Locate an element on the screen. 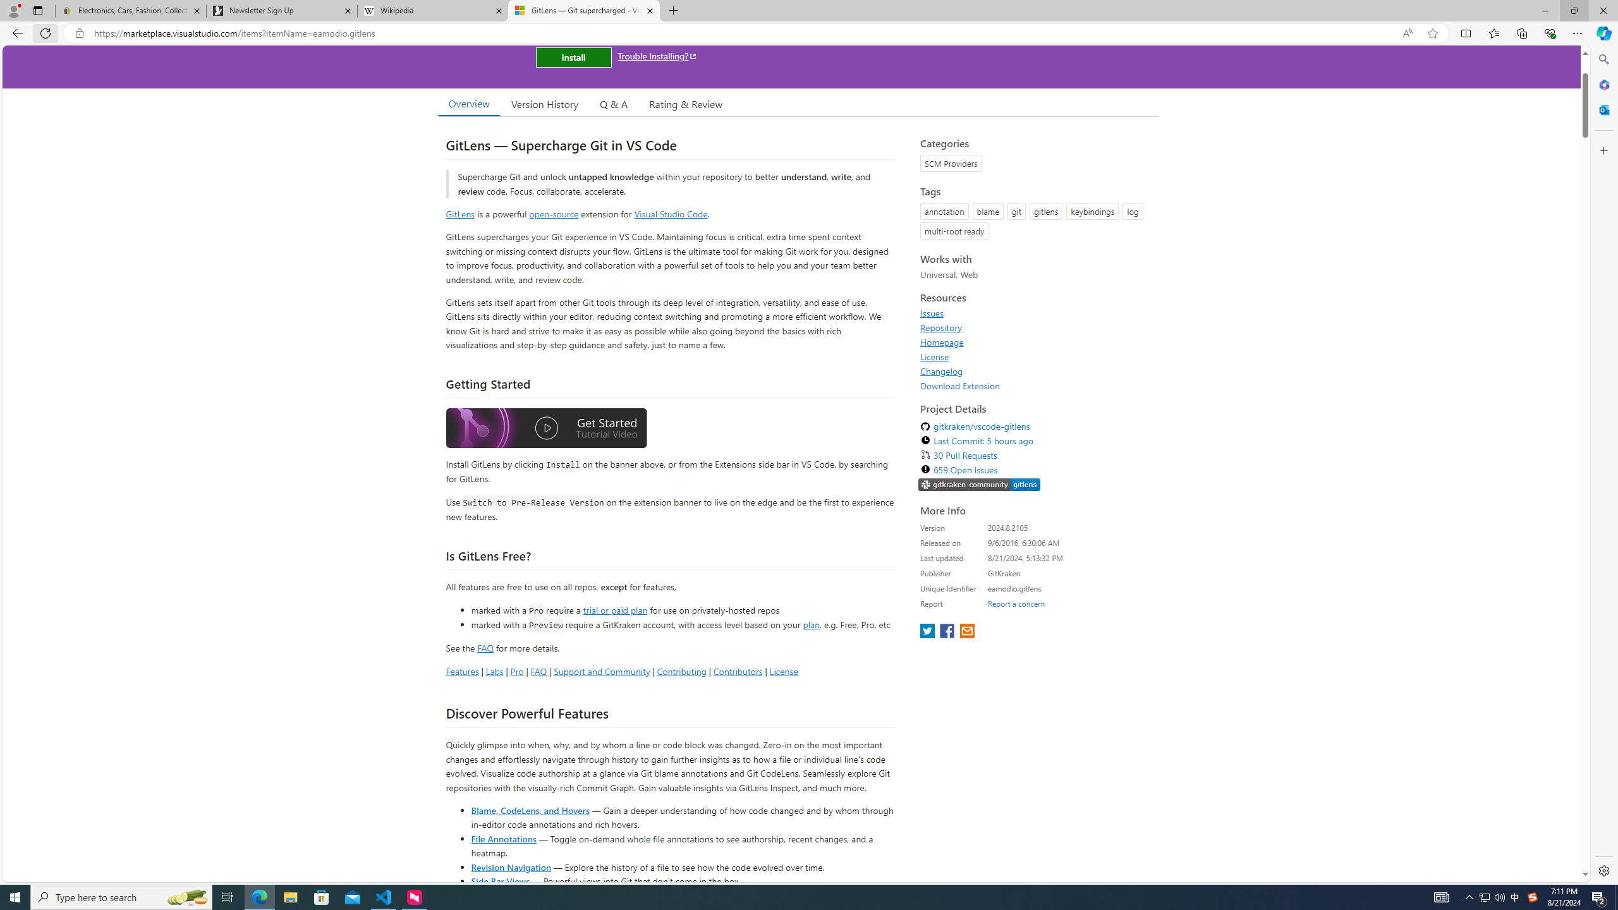 This screenshot has height=910, width=1618. 'share extension on facebook' is located at coordinates (948, 631).